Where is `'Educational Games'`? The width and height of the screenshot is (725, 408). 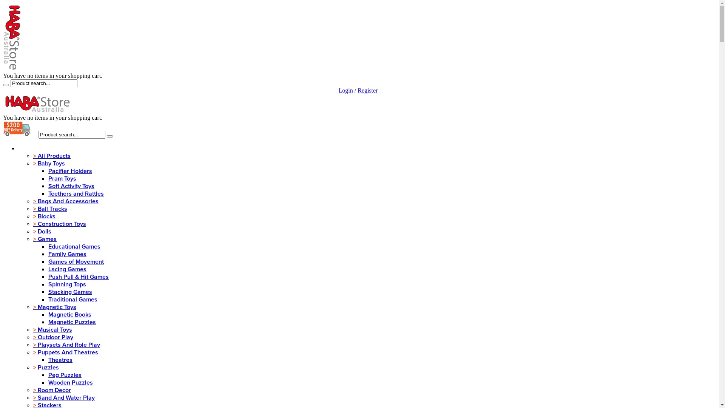 'Educational Games' is located at coordinates (74, 246).